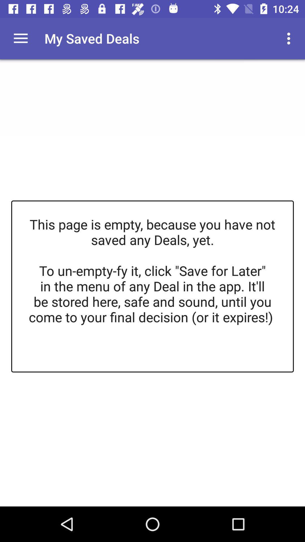 Image resolution: width=305 pixels, height=542 pixels. What do you see at coordinates (20, 38) in the screenshot?
I see `the app to the left of my saved deals item` at bounding box center [20, 38].